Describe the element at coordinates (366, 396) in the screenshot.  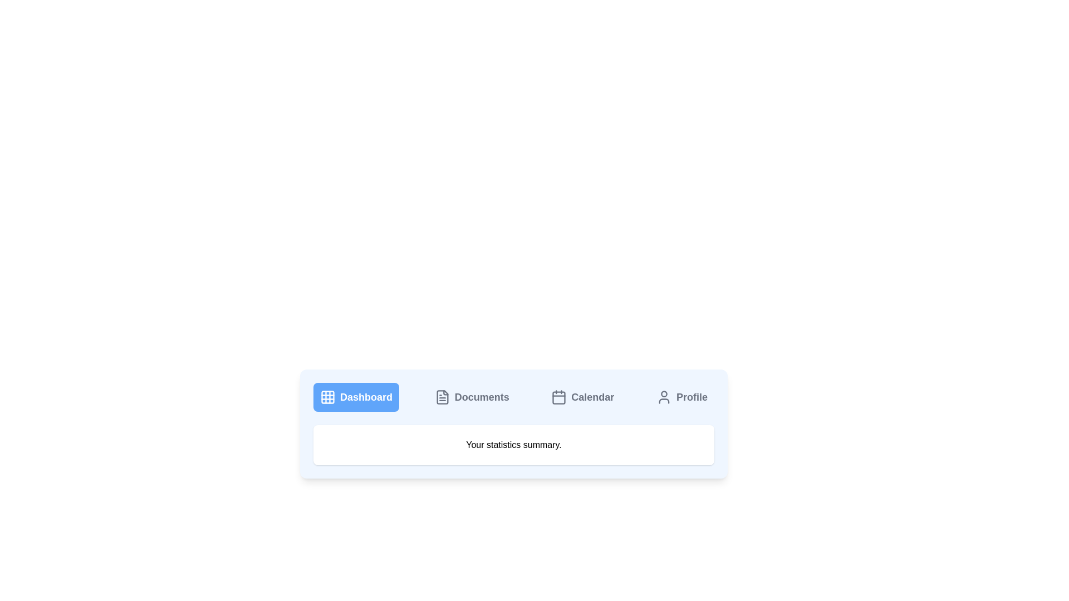
I see `the 'Dashboard' text label that indicates the navigation button for the dashboard section, located next to the grid icon on the left side of the navigation bar` at that location.